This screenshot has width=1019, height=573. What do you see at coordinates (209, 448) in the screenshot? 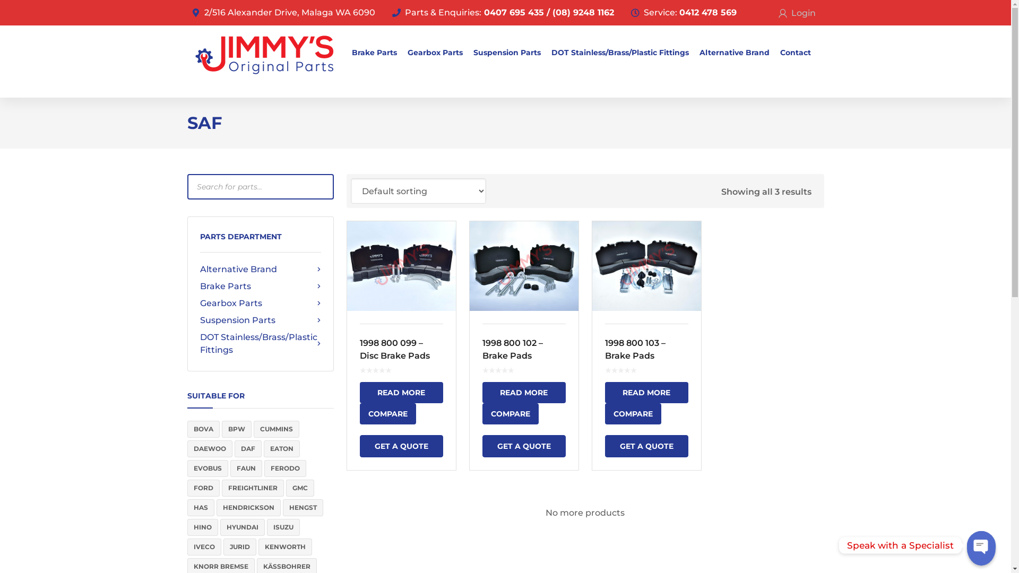
I see `'DAEWOO'` at bounding box center [209, 448].